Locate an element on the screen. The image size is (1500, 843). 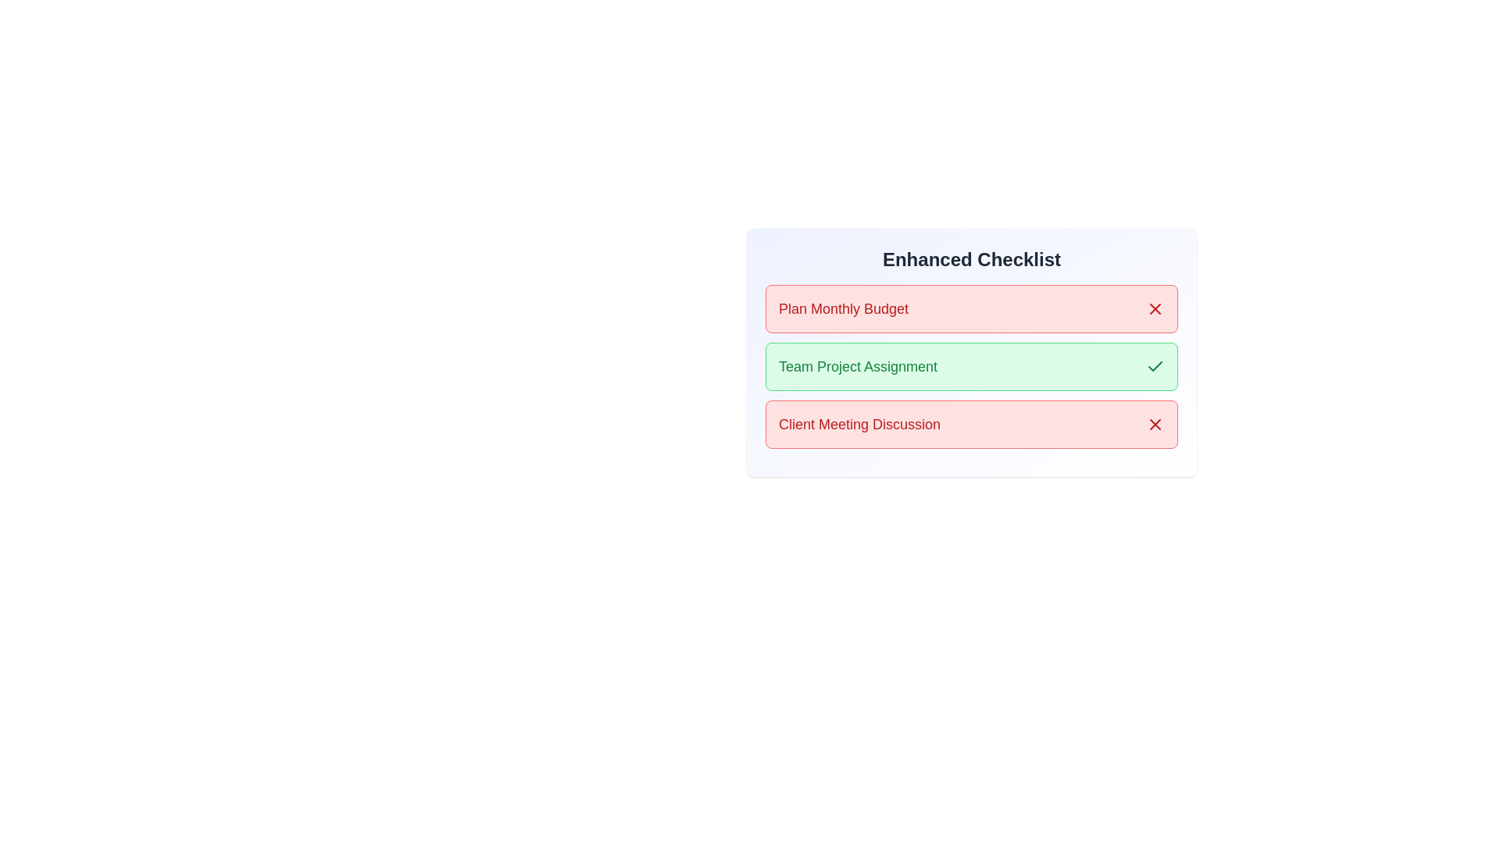
the dismiss button for the 'Client Meeting Discussion' item in the checklist to receive additional visual feedback is located at coordinates (1155, 424).